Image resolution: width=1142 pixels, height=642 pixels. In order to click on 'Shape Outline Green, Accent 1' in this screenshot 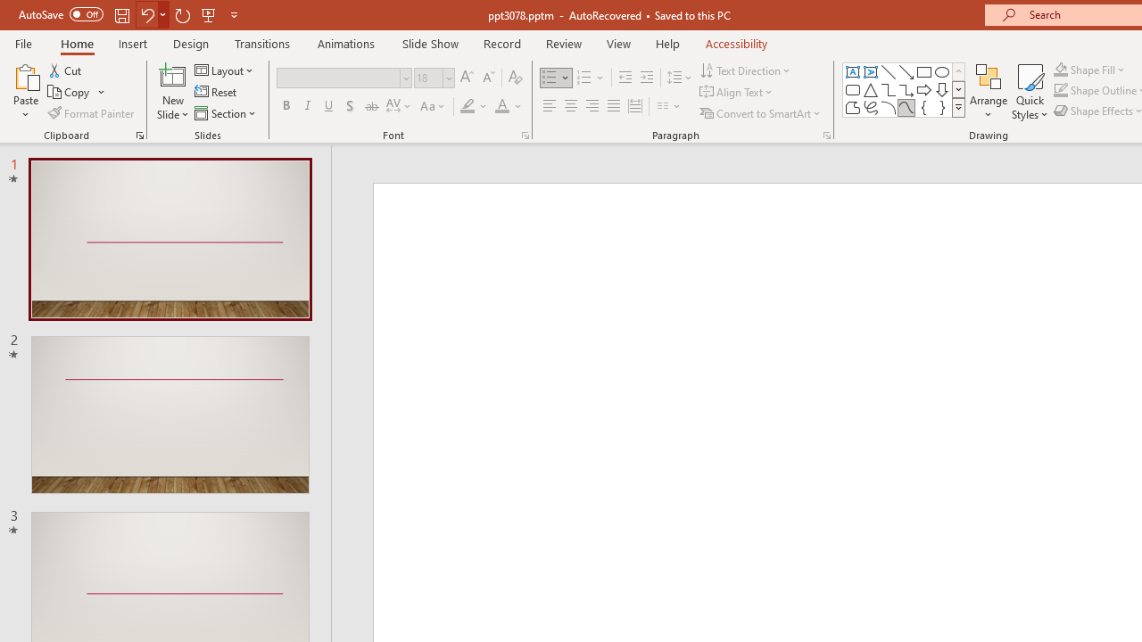, I will do `click(1061, 90)`.